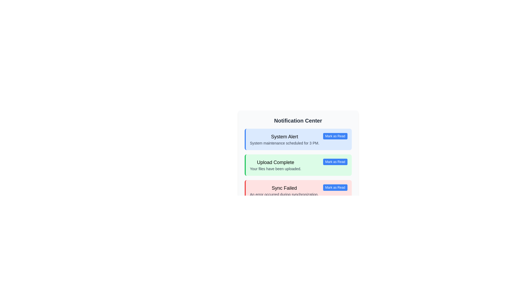 This screenshot has width=514, height=289. Describe the element at coordinates (335, 136) in the screenshot. I see `the 'Mark as Read' button with a blue background and white text to mark the notification as read` at that location.